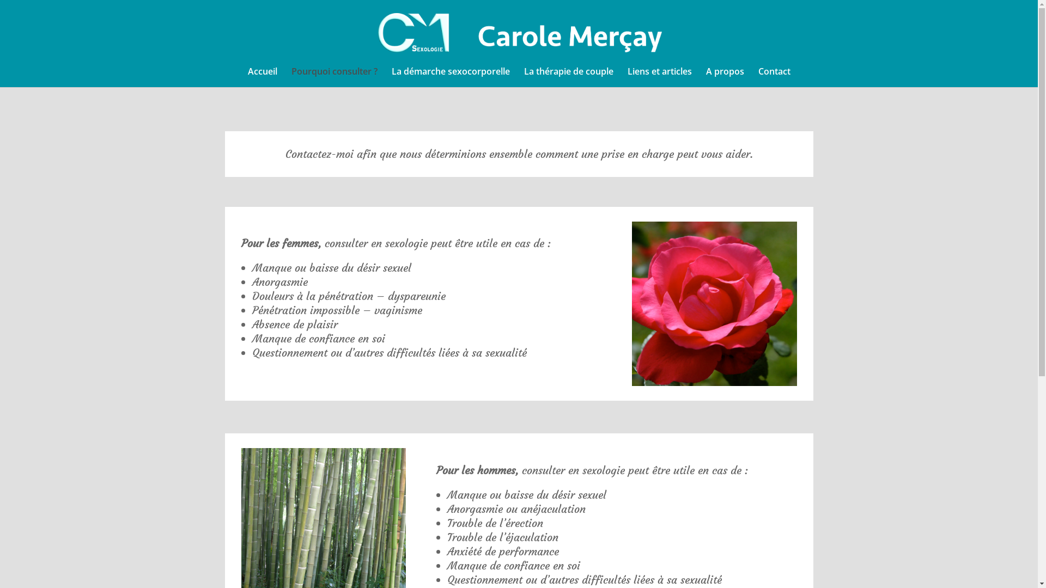 The image size is (1046, 588). What do you see at coordinates (247, 77) in the screenshot?
I see `'Accueil'` at bounding box center [247, 77].